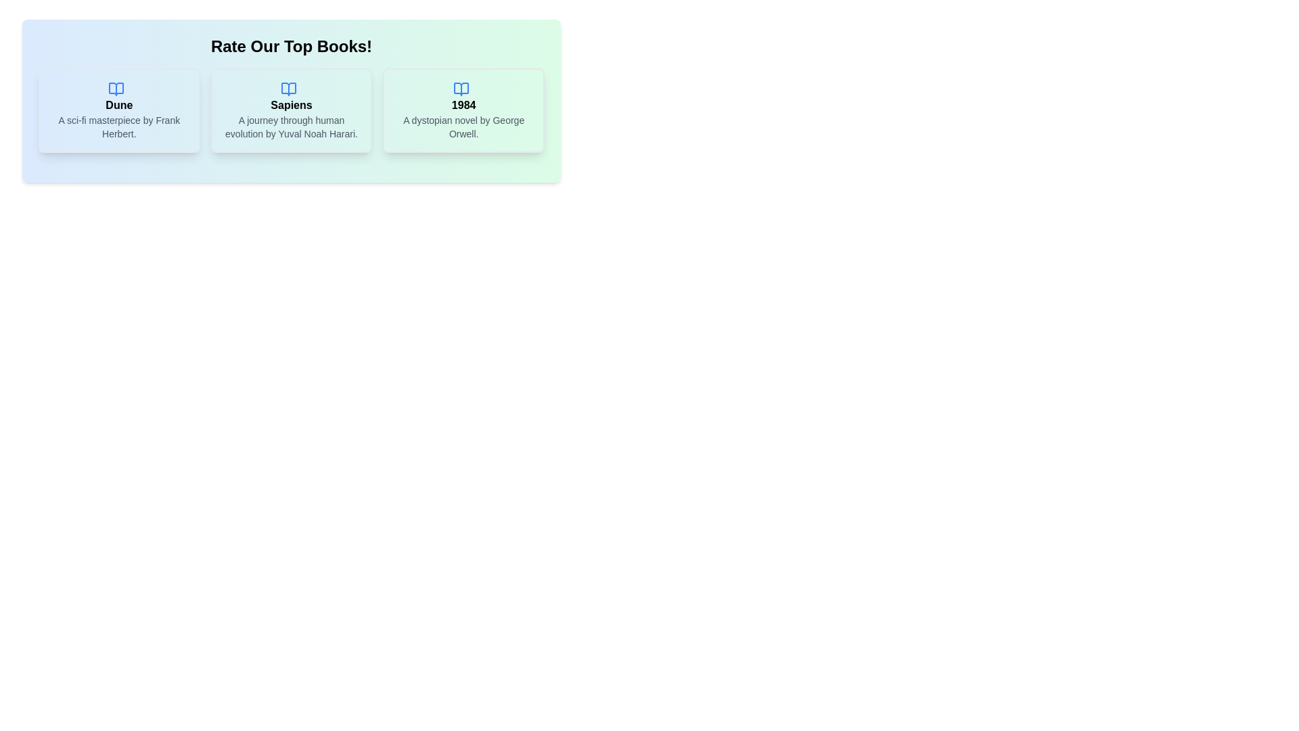 The image size is (1299, 731). Describe the element at coordinates (291, 127) in the screenshot. I see `descriptive subtitle text located beneath the title 'Sapiens' in the second card of a horizontal row of three cards` at that location.